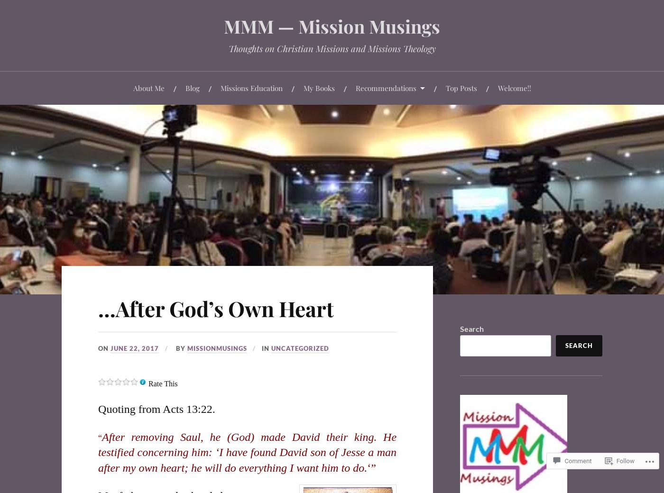 This screenshot has width=664, height=493. What do you see at coordinates (266, 348) in the screenshot?
I see `'In'` at bounding box center [266, 348].